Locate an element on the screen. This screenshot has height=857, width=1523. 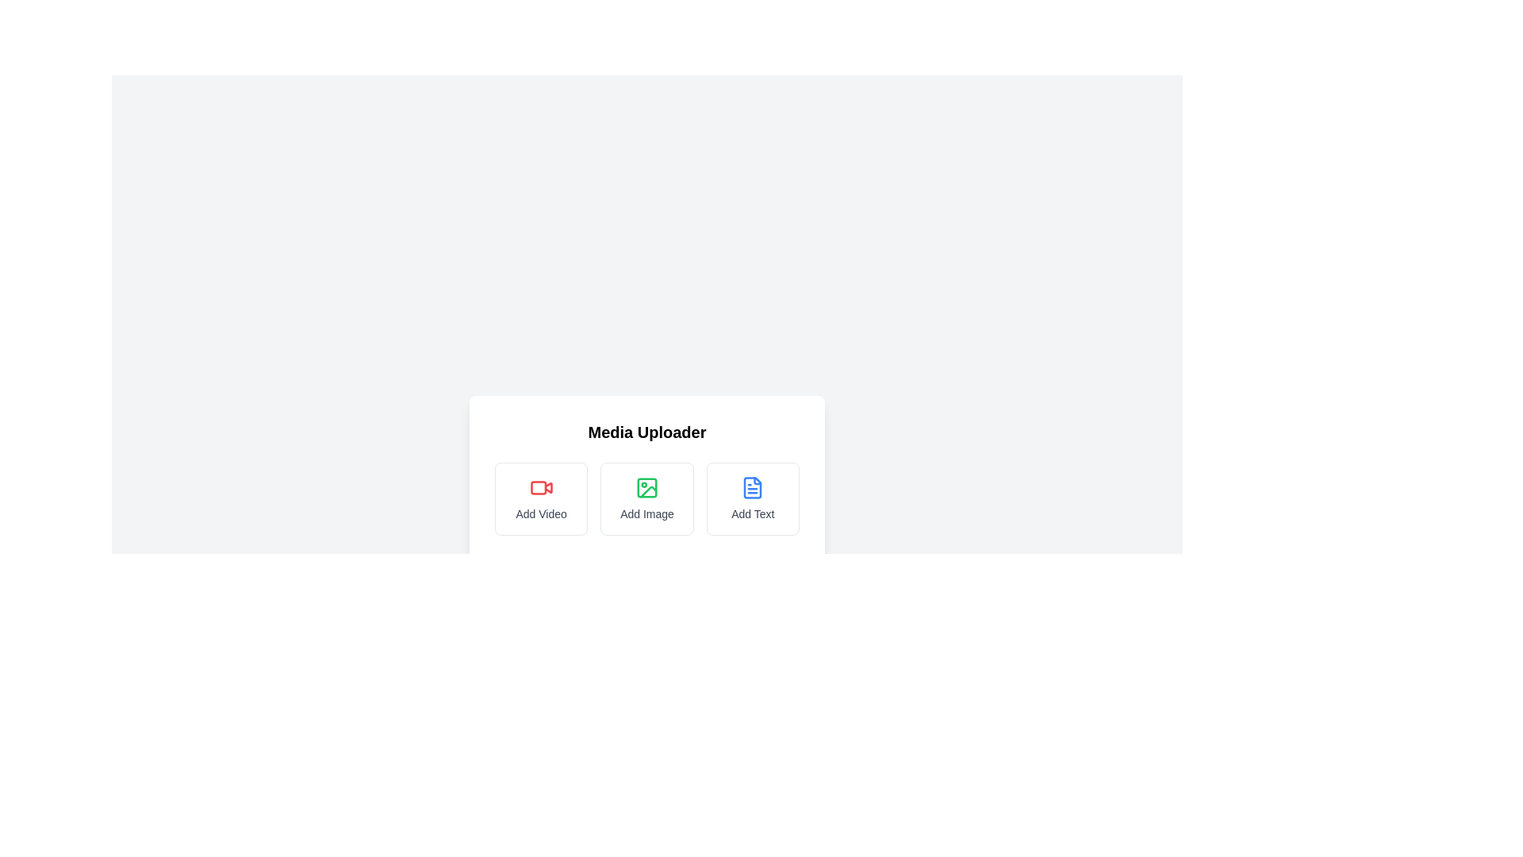
the blue document icon with text lines located in the third clickable button next to the 'Add Text' label beneath the 'Media Uploader' title is located at coordinates (752, 486).